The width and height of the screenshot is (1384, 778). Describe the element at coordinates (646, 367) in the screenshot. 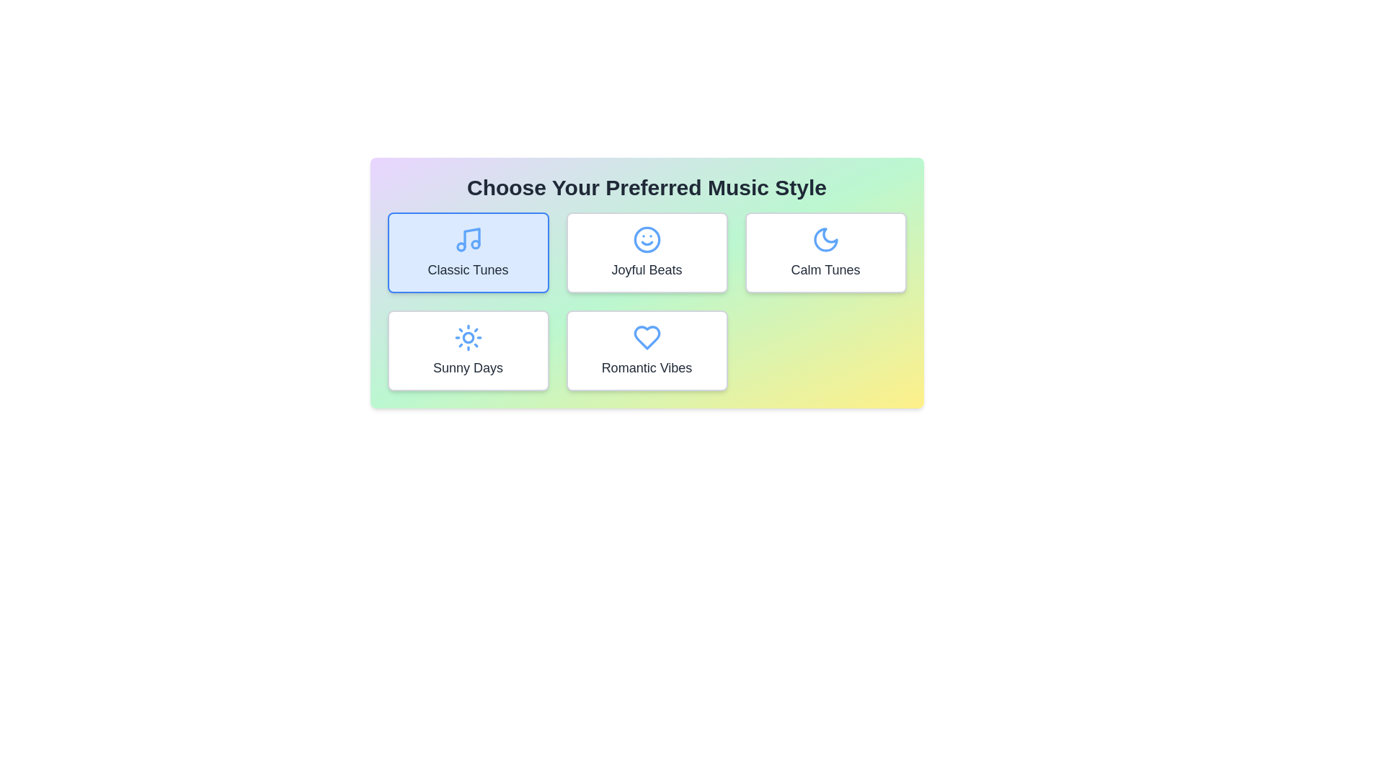

I see `the text label for the selection option 'Romantic Vibes', which is located below a blue heart icon in the lower middle of the grid layout` at that location.